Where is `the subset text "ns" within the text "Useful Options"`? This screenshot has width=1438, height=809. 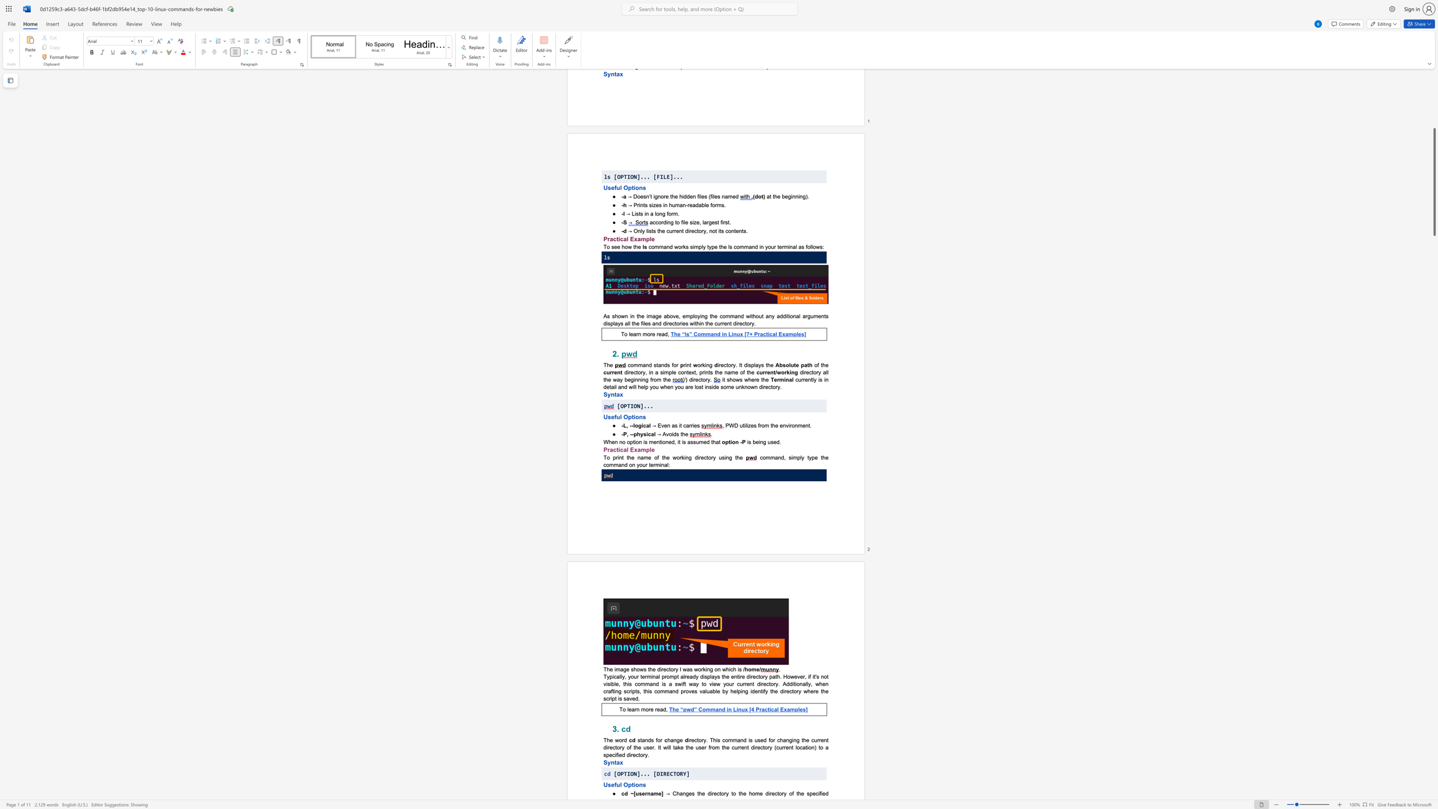
the subset text "ns" within the text "Useful Options" is located at coordinates (639, 784).